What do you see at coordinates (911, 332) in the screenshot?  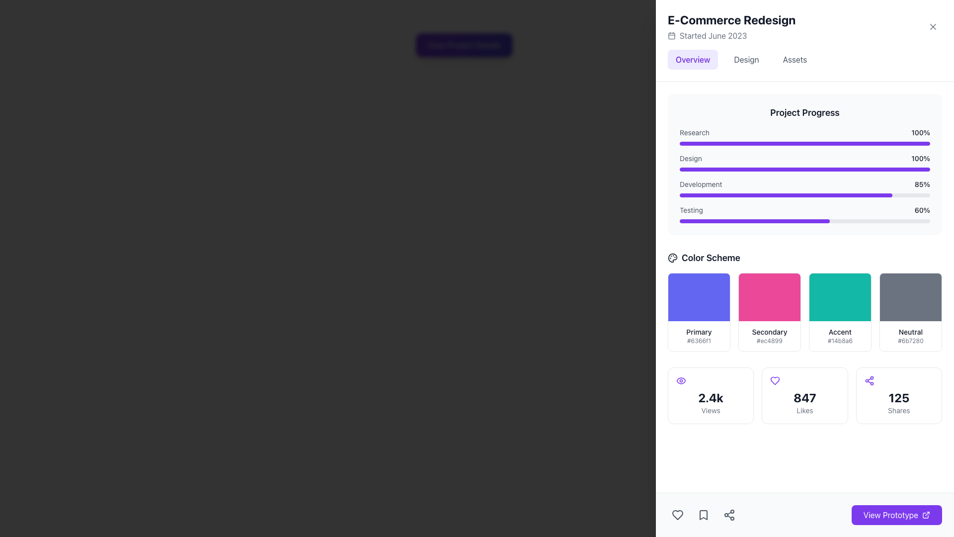 I see `the text label displaying 'Neutral' in a sans-serif font located in the 'Color Scheme' section of the UI` at bounding box center [911, 332].